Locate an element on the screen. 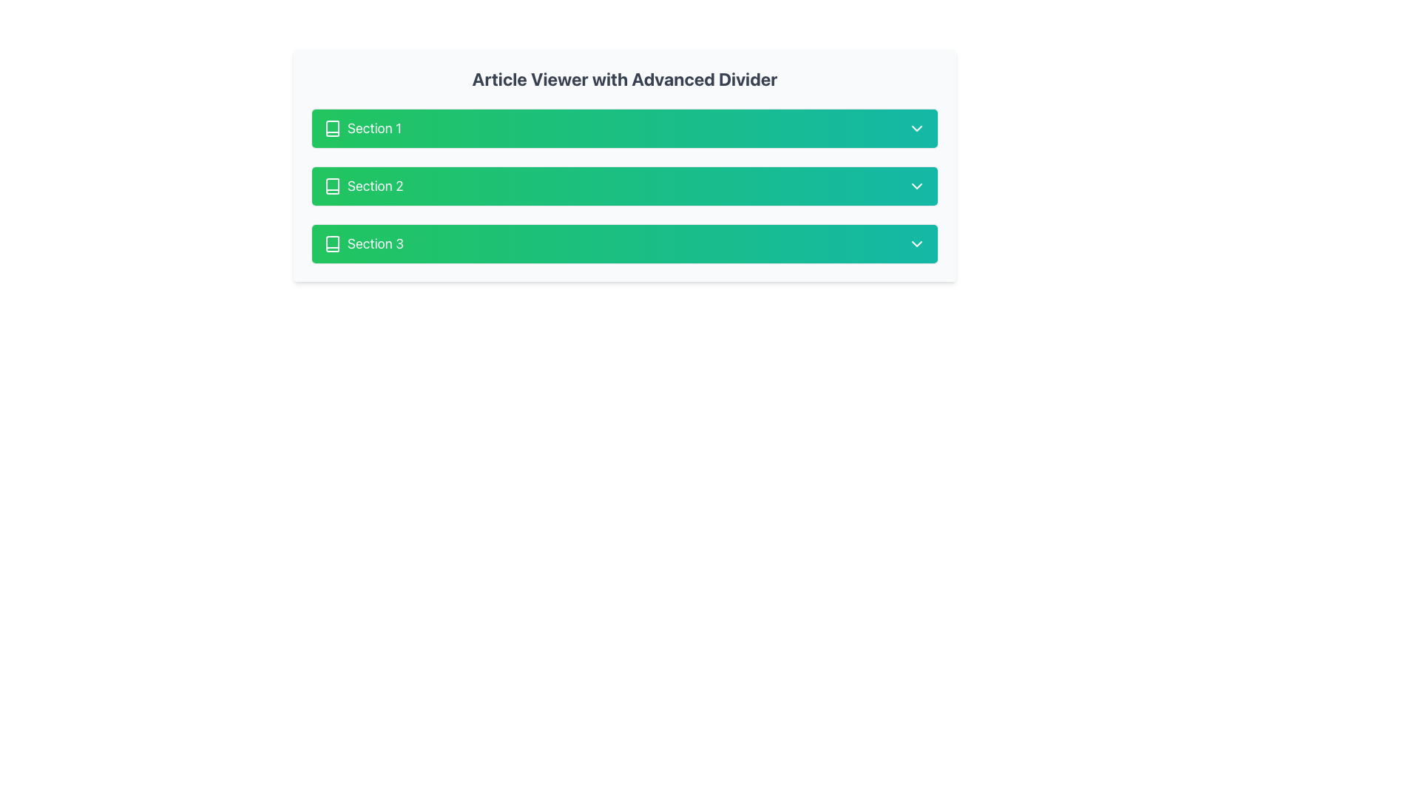 This screenshot has height=799, width=1420. the Label with Icon displaying 'Section 3' which is located on a green gradient background, aligned horizontally beside a book icon is located at coordinates (364, 243).